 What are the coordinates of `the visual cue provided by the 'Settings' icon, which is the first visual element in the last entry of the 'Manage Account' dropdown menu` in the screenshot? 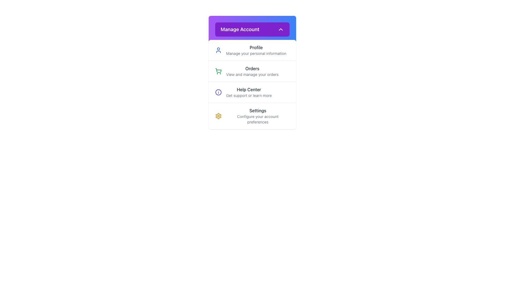 It's located at (218, 116).